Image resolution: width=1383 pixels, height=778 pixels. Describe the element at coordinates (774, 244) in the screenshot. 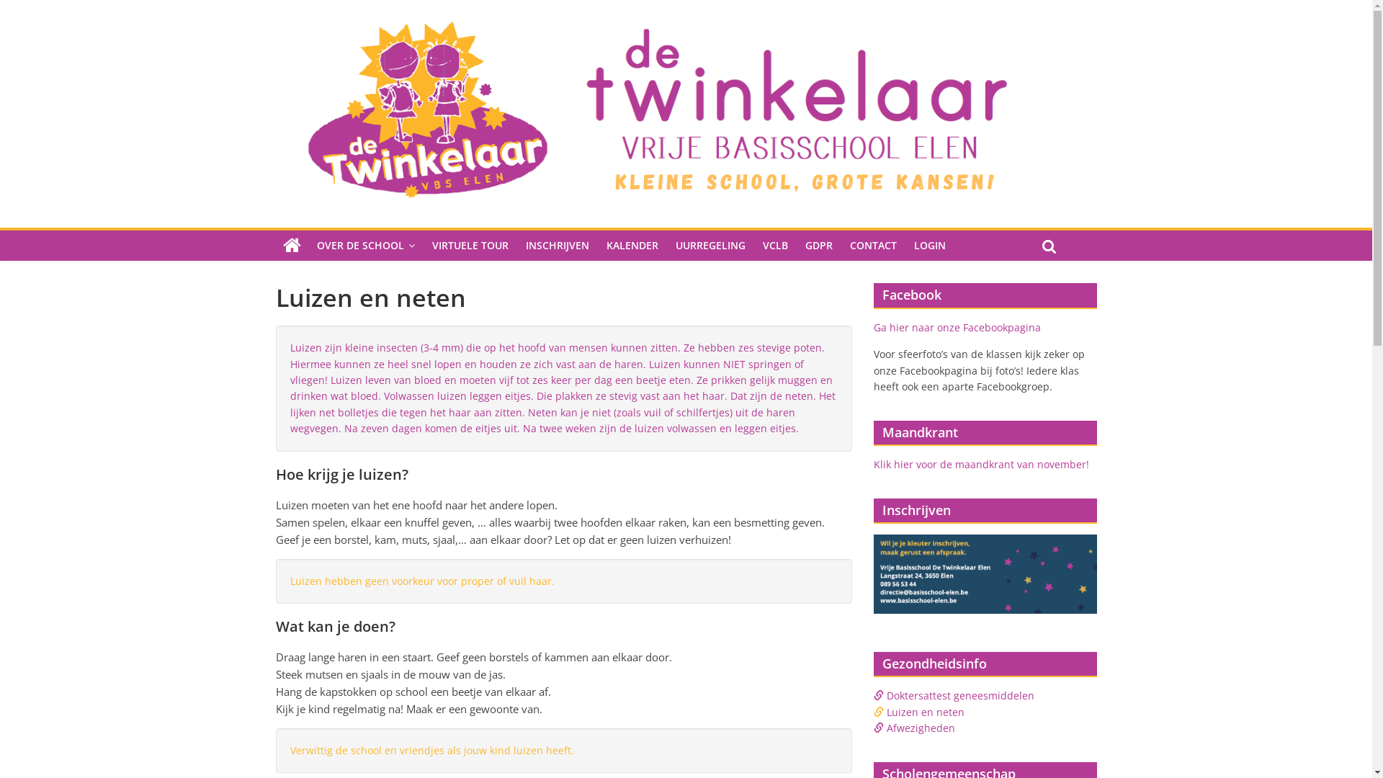

I see `'VCLB'` at that location.